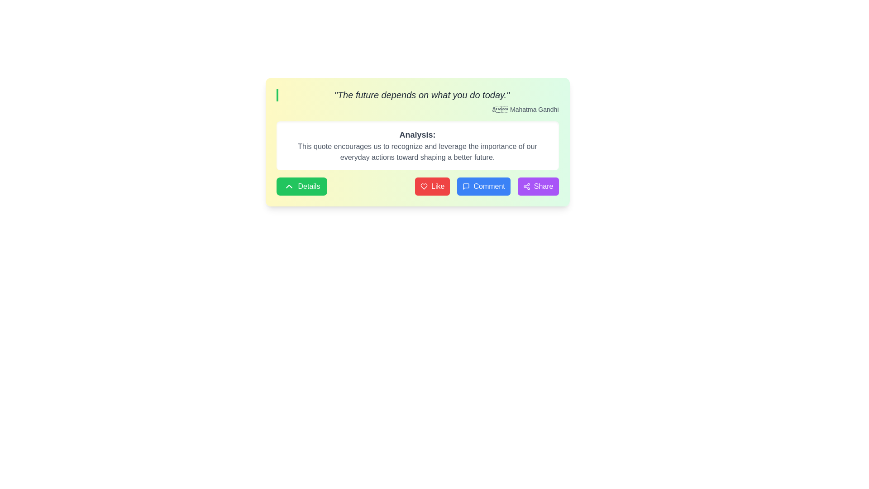  Describe the element at coordinates (288, 186) in the screenshot. I see `the chevron-up icon with a white outline against a green background located within the 'Details' button for interaction` at that location.